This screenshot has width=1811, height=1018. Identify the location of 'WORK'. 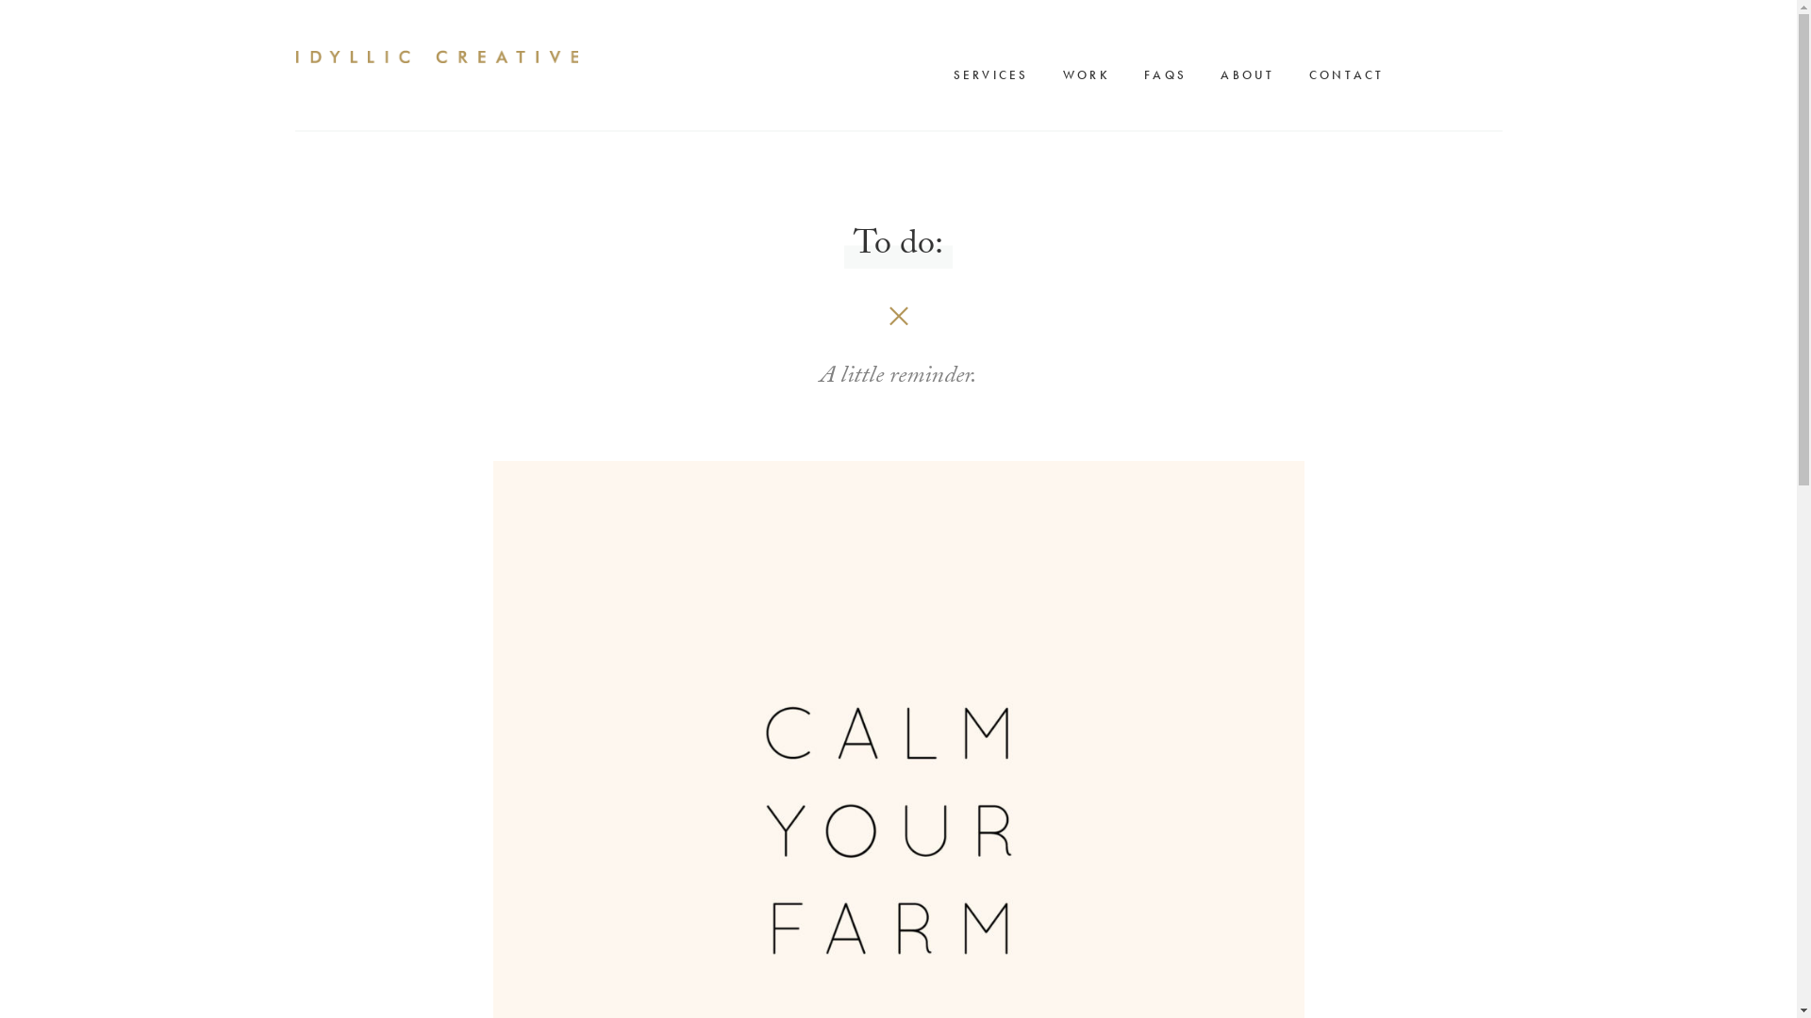
(1053, 74).